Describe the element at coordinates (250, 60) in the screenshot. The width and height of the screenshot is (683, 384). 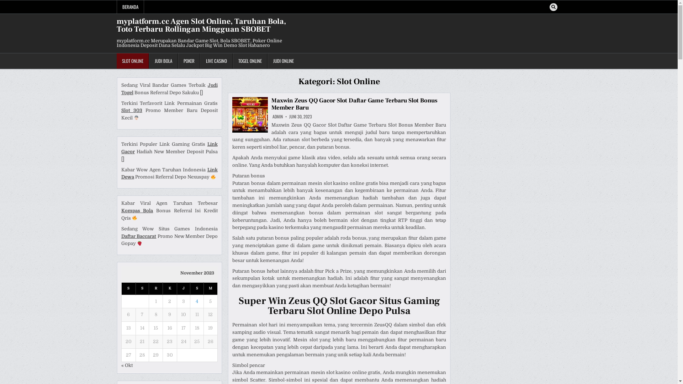
I see `'TOGEL ONLINE'` at that location.